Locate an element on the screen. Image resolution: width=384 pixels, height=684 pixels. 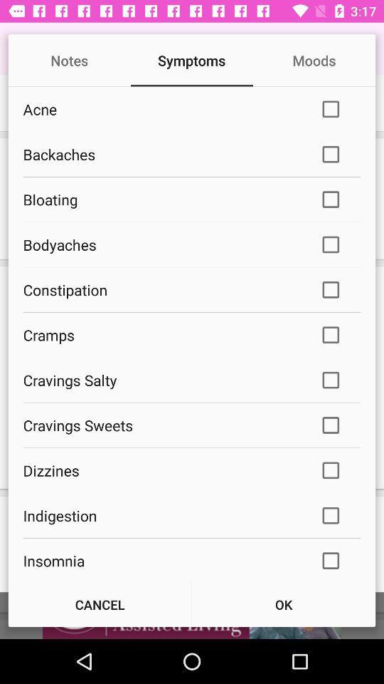
icon at the bottom left corner is located at coordinates (99, 603).